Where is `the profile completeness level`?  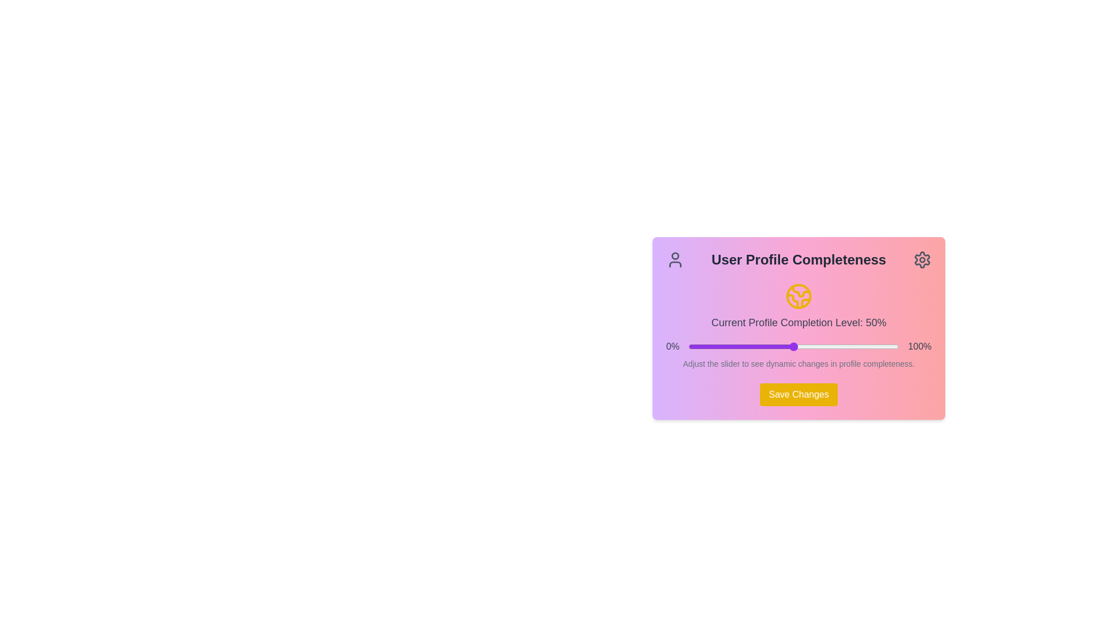
the profile completeness level is located at coordinates (879, 346).